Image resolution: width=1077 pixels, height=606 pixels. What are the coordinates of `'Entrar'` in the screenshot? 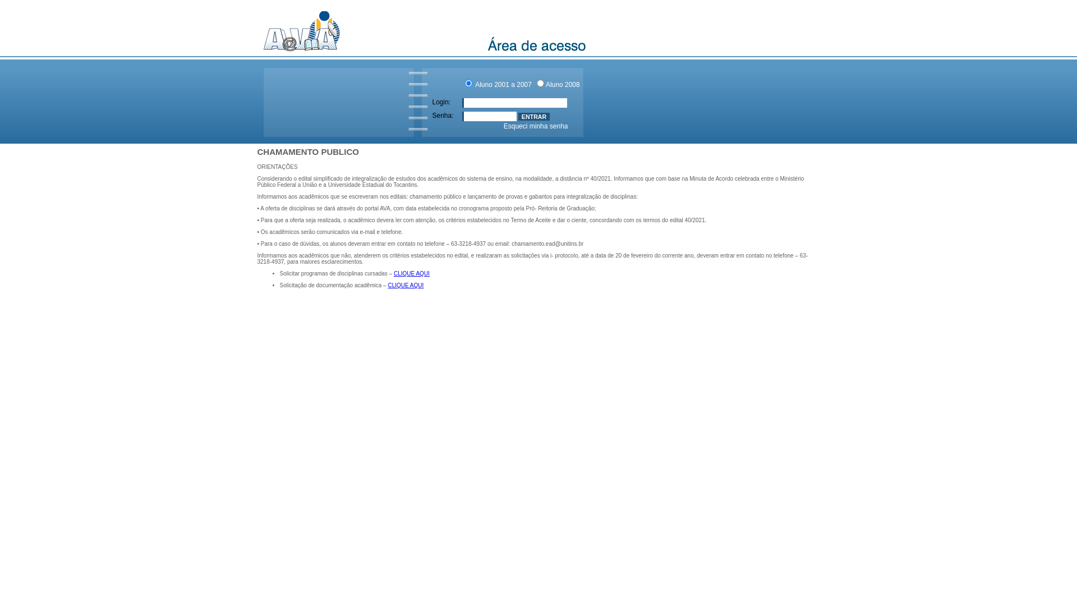 It's located at (533, 117).